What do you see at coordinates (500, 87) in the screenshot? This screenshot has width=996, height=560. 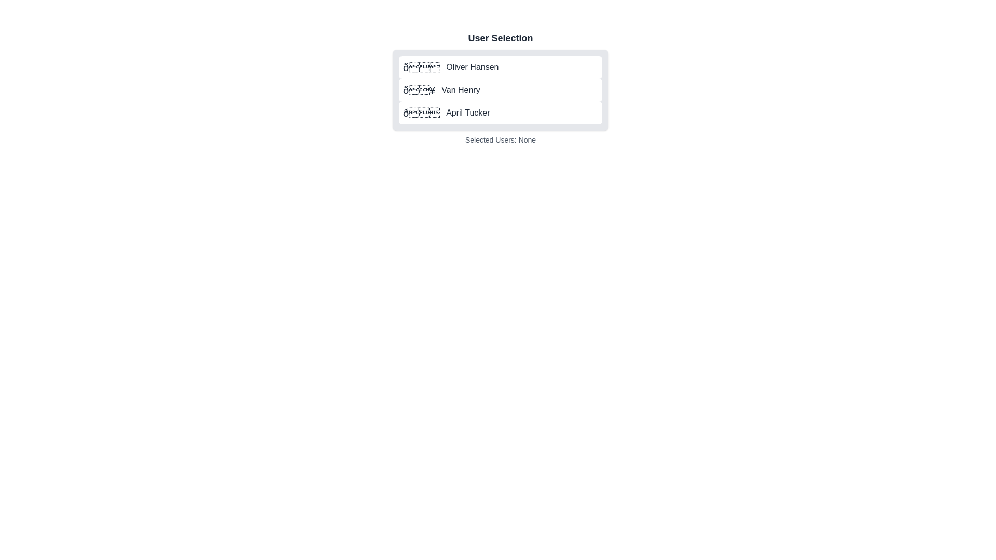 I see `the Interactive List Item representing user 'Van Henry' in the selection list` at bounding box center [500, 87].